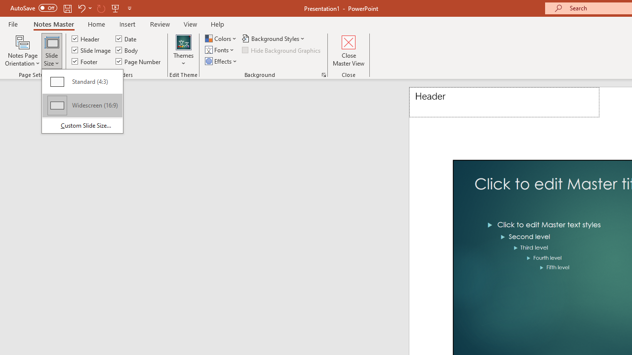 The width and height of the screenshot is (632, 355). I want to click on 'Notes Master', so click(53, 24).